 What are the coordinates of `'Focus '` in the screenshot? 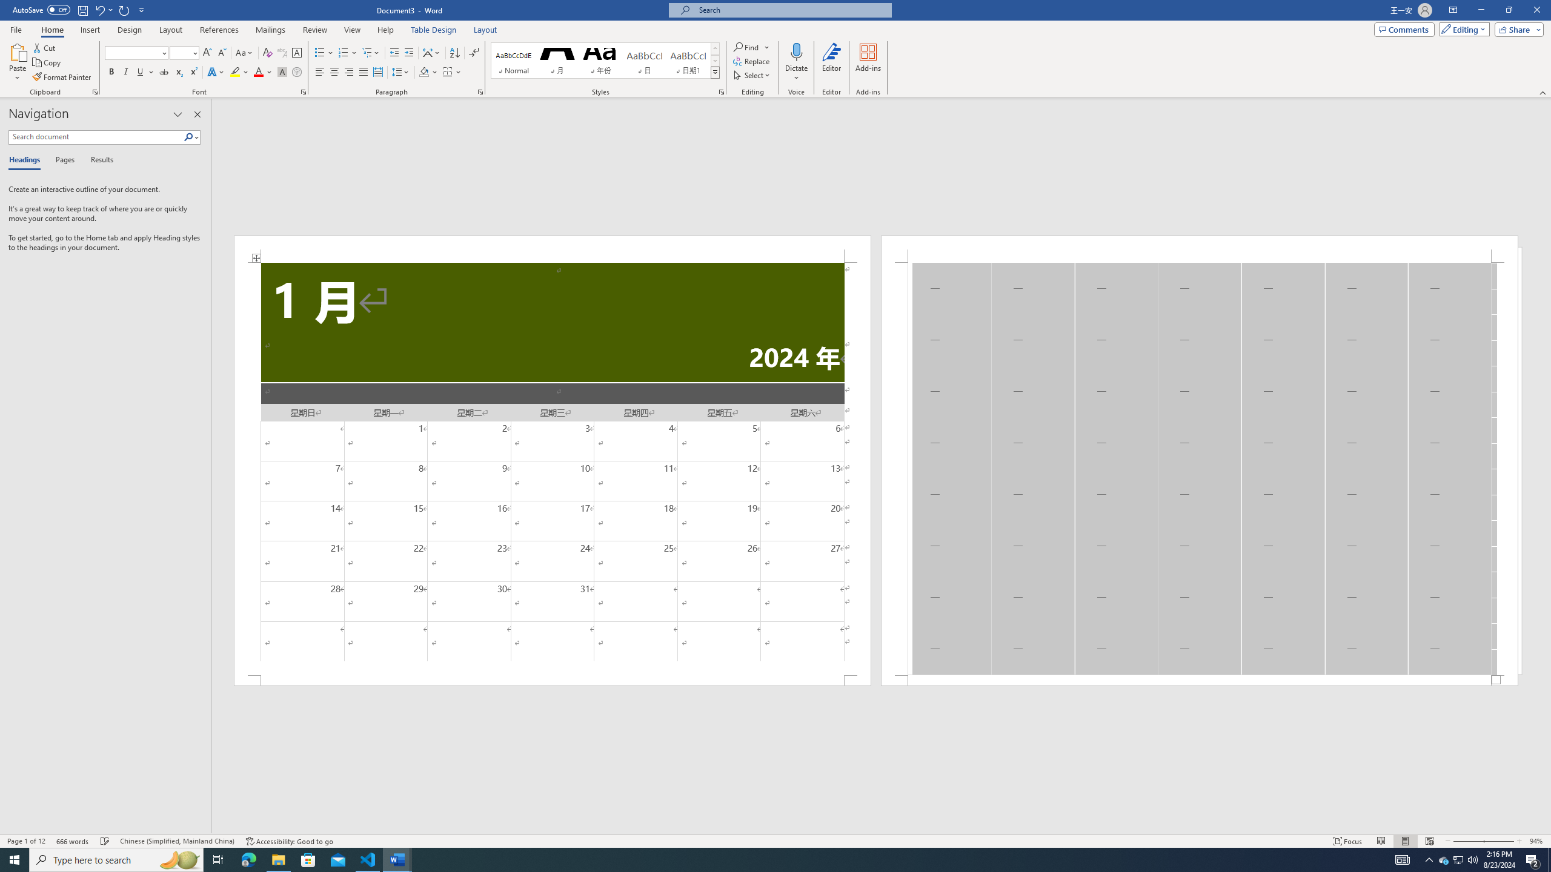 It's located at (1348, 841).